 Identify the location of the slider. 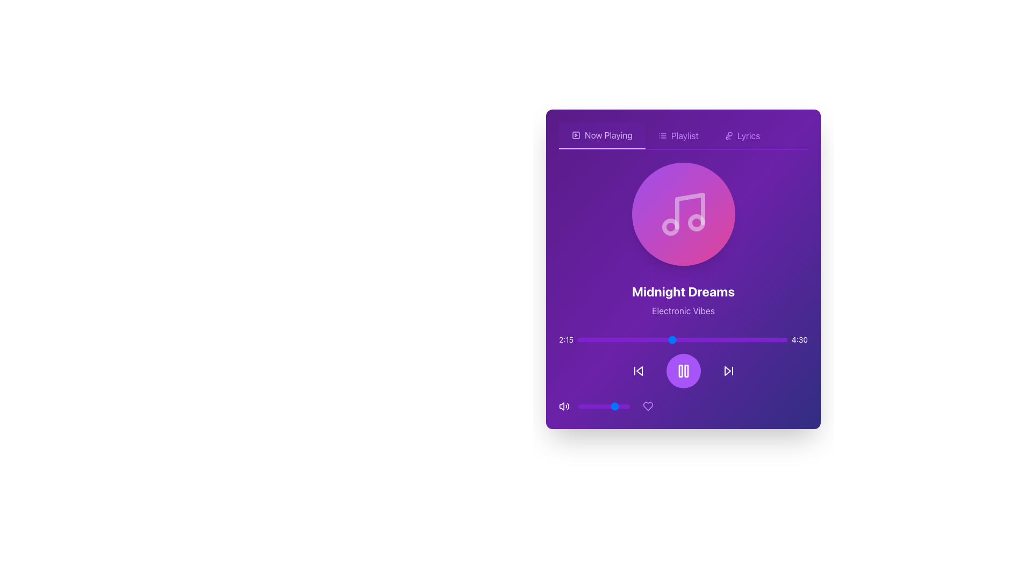
(628, 339).